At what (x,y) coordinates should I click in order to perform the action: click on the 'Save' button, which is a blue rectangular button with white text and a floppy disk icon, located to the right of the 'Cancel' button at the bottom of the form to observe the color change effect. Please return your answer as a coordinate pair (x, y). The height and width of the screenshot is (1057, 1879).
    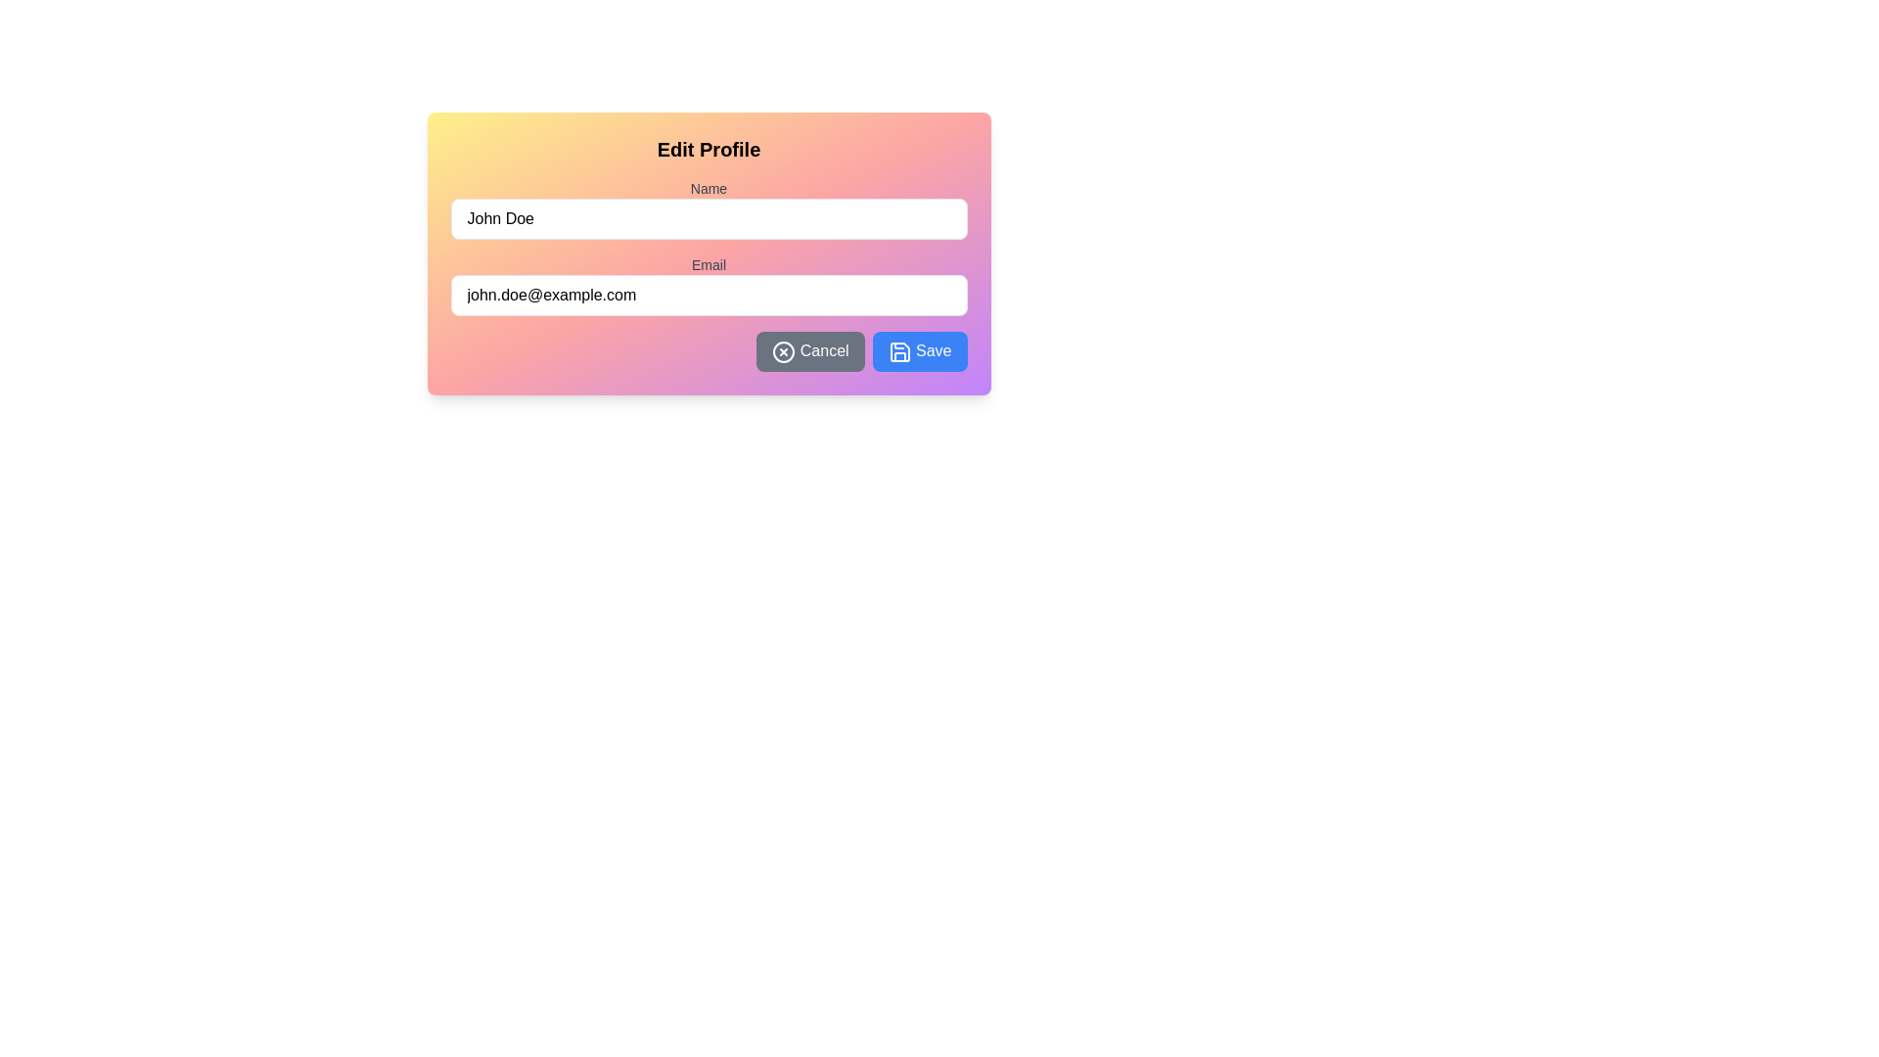
    Looking at the image, I should click on (919, 350).